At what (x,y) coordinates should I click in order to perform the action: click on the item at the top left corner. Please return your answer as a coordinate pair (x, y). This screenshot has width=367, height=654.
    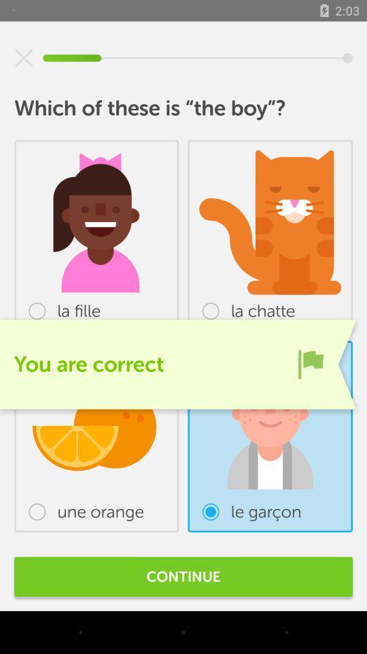
    Looking at the image, I should click on (24, 58).